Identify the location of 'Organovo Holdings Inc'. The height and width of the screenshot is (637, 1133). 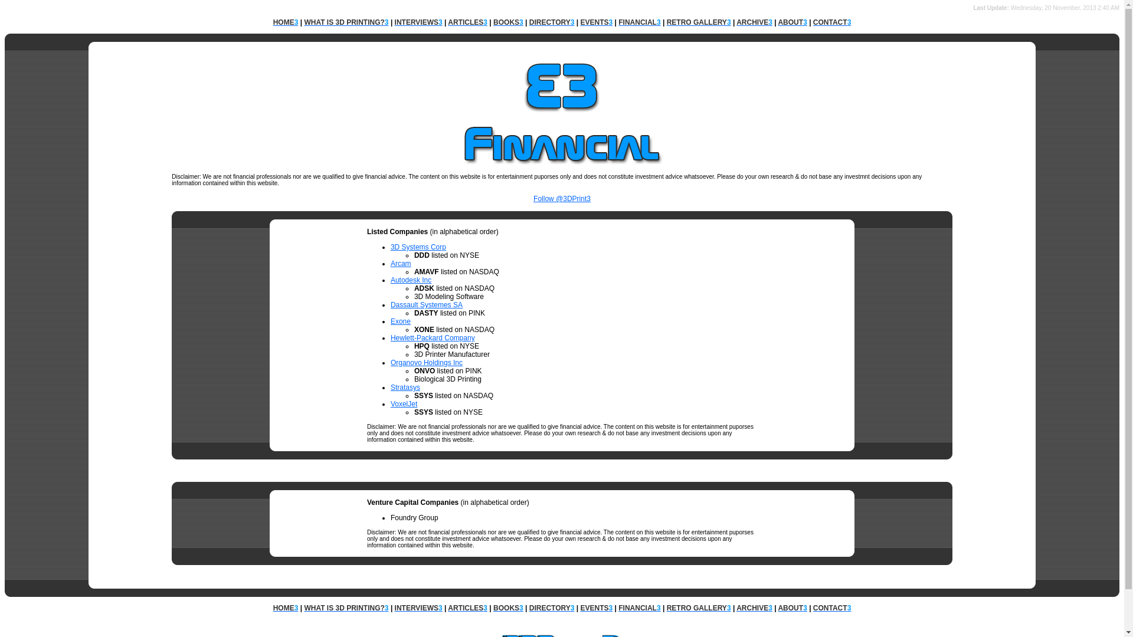
(391, 362).